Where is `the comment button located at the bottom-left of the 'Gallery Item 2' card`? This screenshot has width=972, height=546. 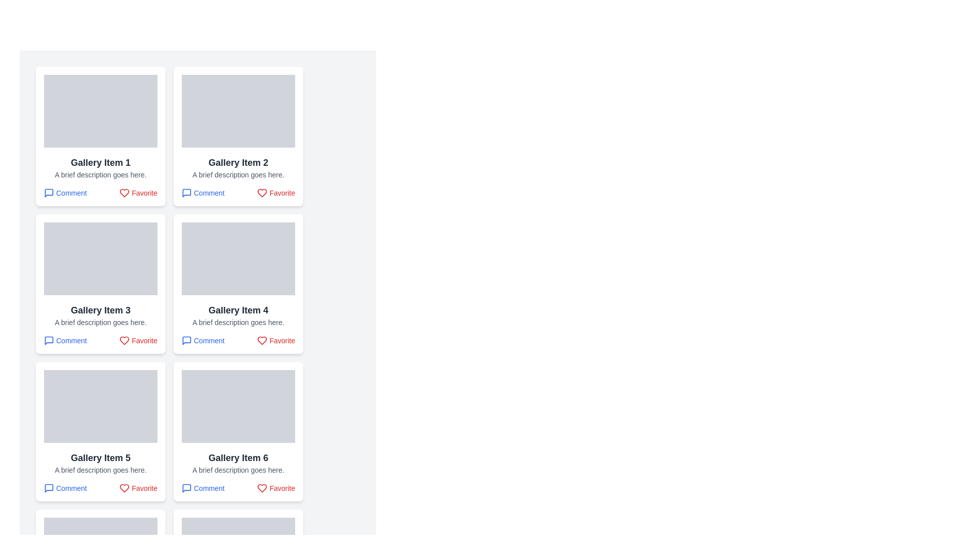 the comment button located at the bottom-left of the 'Gallery Item 2' card is located at coordinates (202, 193).